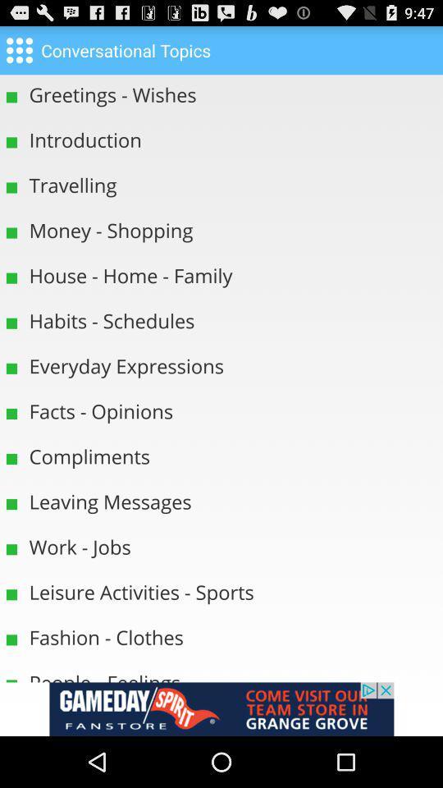 The image size is (443, 788). What do you see at coordinates (18, 48) in the screenshot?
I see `icon` at bounding box center [18, 48].